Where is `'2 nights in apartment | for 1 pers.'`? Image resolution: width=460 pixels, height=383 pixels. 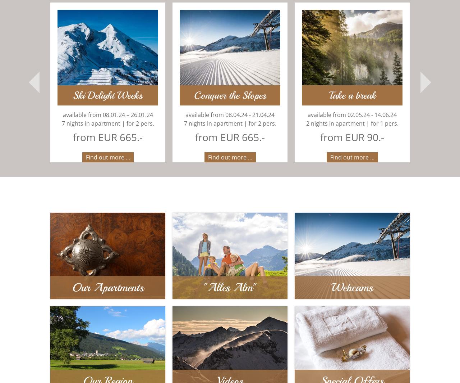
'2 nights in apartment | for 1 pers.' is located at coordinates (343, 123).